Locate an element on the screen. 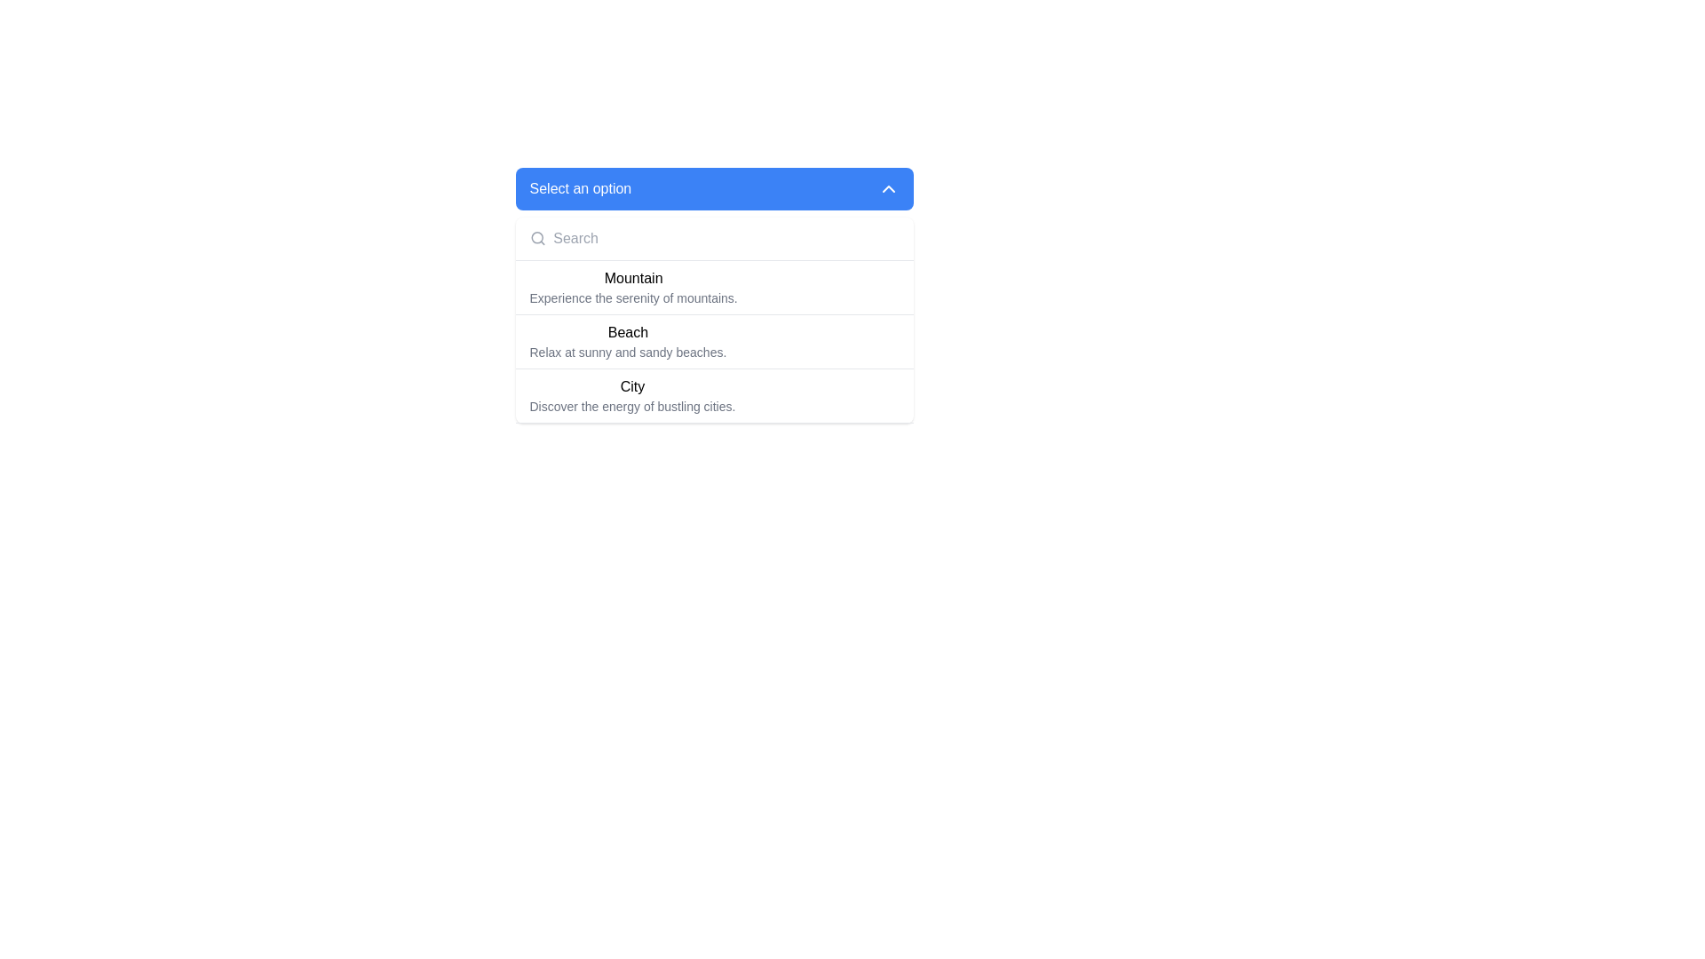 The width and height of the screenshot is (1705, 959). the 'Beach' option in the Dropdown menu items list is located at coordinates (714, 321).